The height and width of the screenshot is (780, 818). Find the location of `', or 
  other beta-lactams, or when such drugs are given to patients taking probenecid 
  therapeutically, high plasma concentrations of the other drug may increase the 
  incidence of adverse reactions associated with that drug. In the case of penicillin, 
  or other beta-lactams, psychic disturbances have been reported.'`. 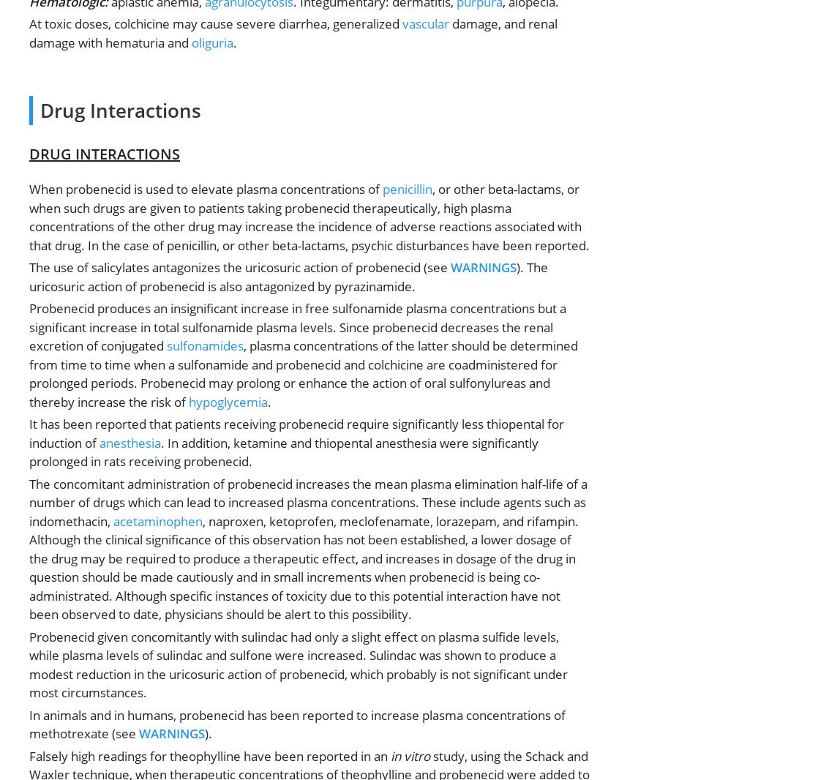

', or 
  other beta-lactams, or when such drugs are given to patients taking probenecid 
  therapeutically, high plasma concentrations of the other drug may increase the 
  incidence of adverse reactions associated with that drug. In the case of penicillin, 
  or other beta-lactams, psychic disturbances have been reported.' is located at coordinates (309, 217).